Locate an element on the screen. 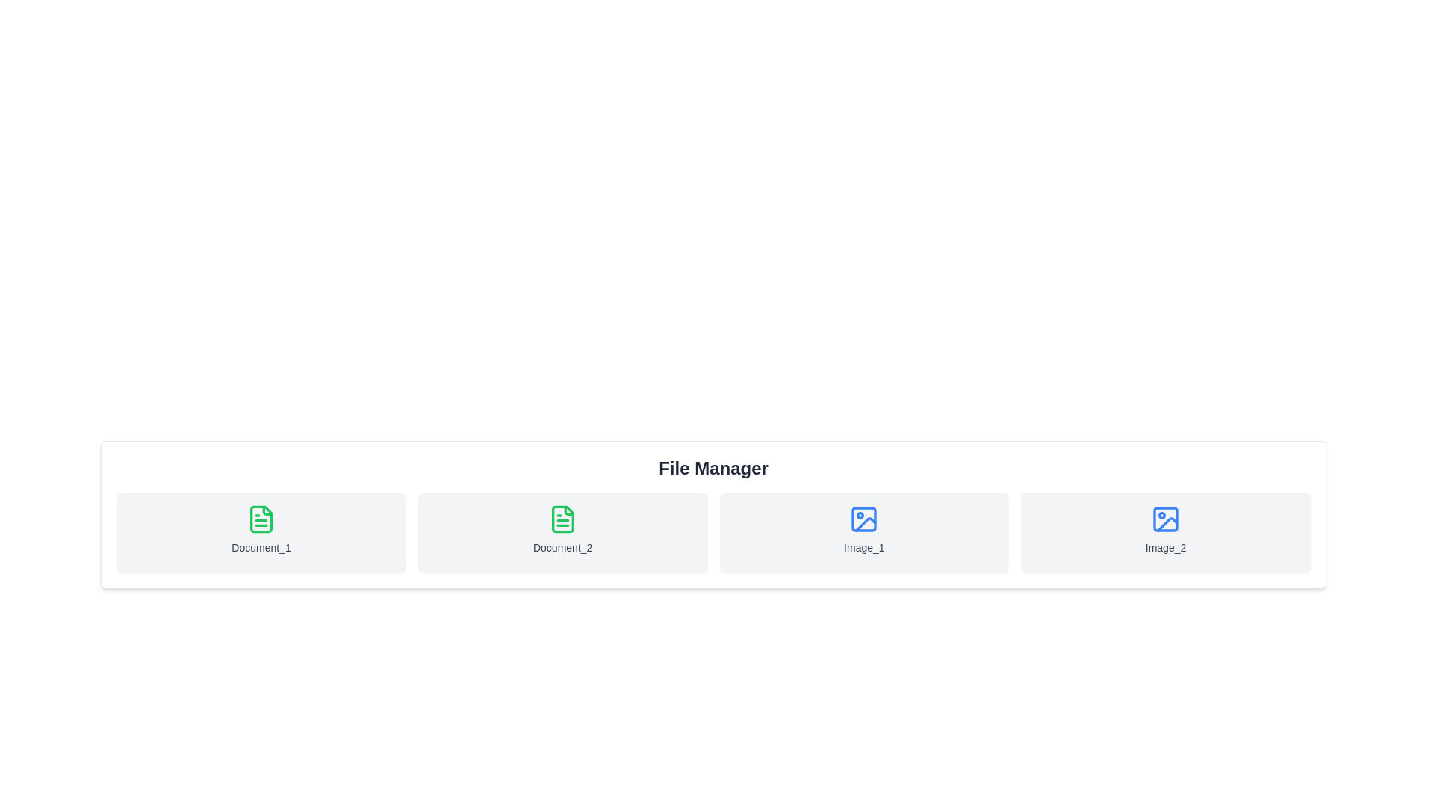  the card component representing the file labeled 'Document_2', which is located in the second position of a four-item grid layout is located at coordinates (562, 531).